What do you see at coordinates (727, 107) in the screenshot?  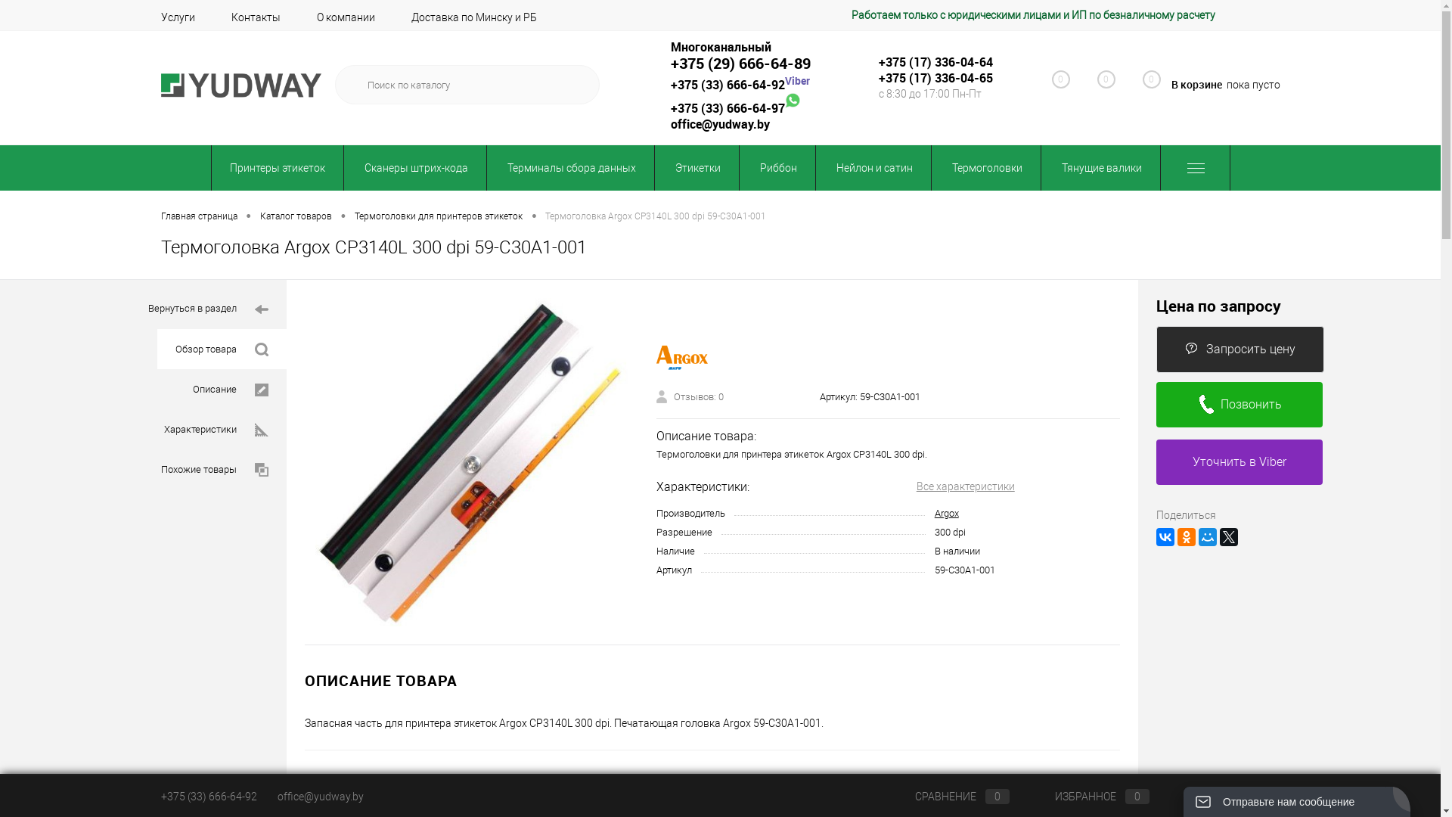 I see `'+375 (33) 666-64-97'` at bounding box center [727, 107].